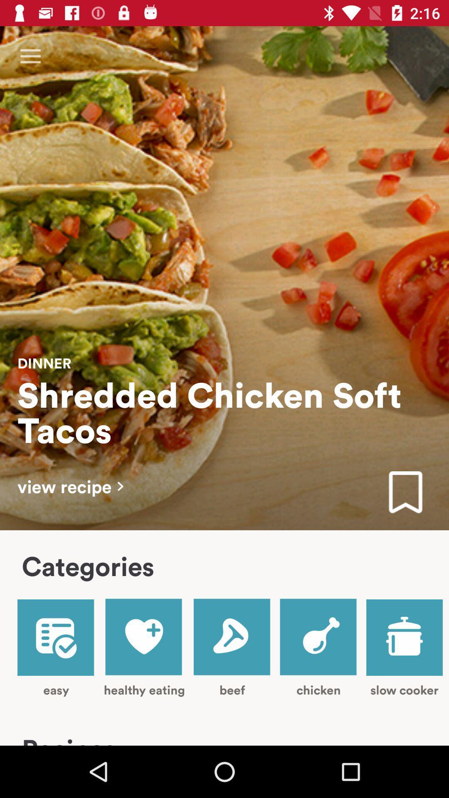 This screenshot has height=798, width=449. I want to click on the item next to chicken item, so click(404, 648).